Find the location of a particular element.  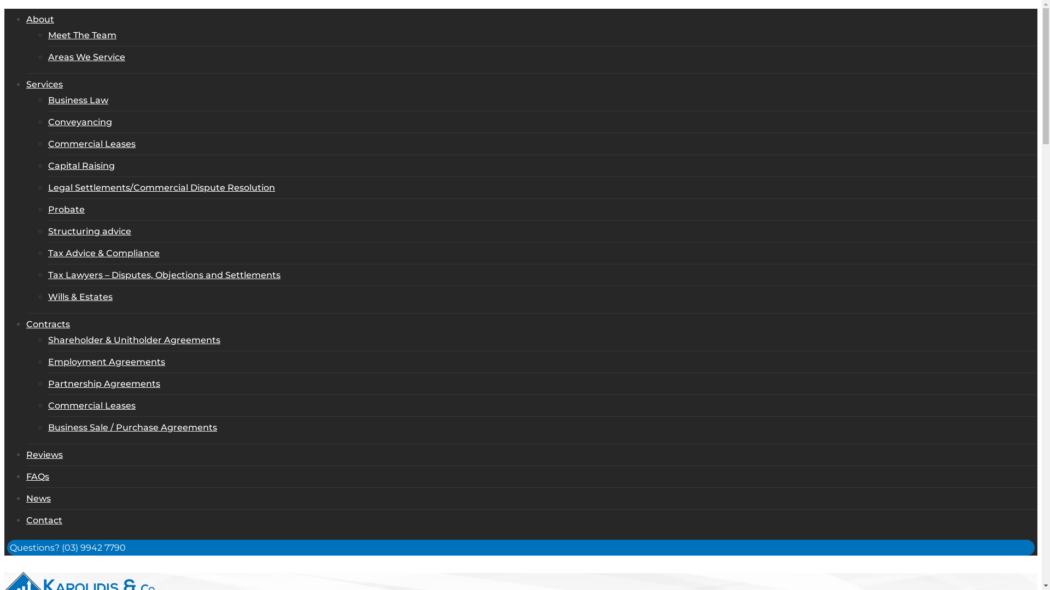

'Capital Raising' is located at coordinates (80, 166).